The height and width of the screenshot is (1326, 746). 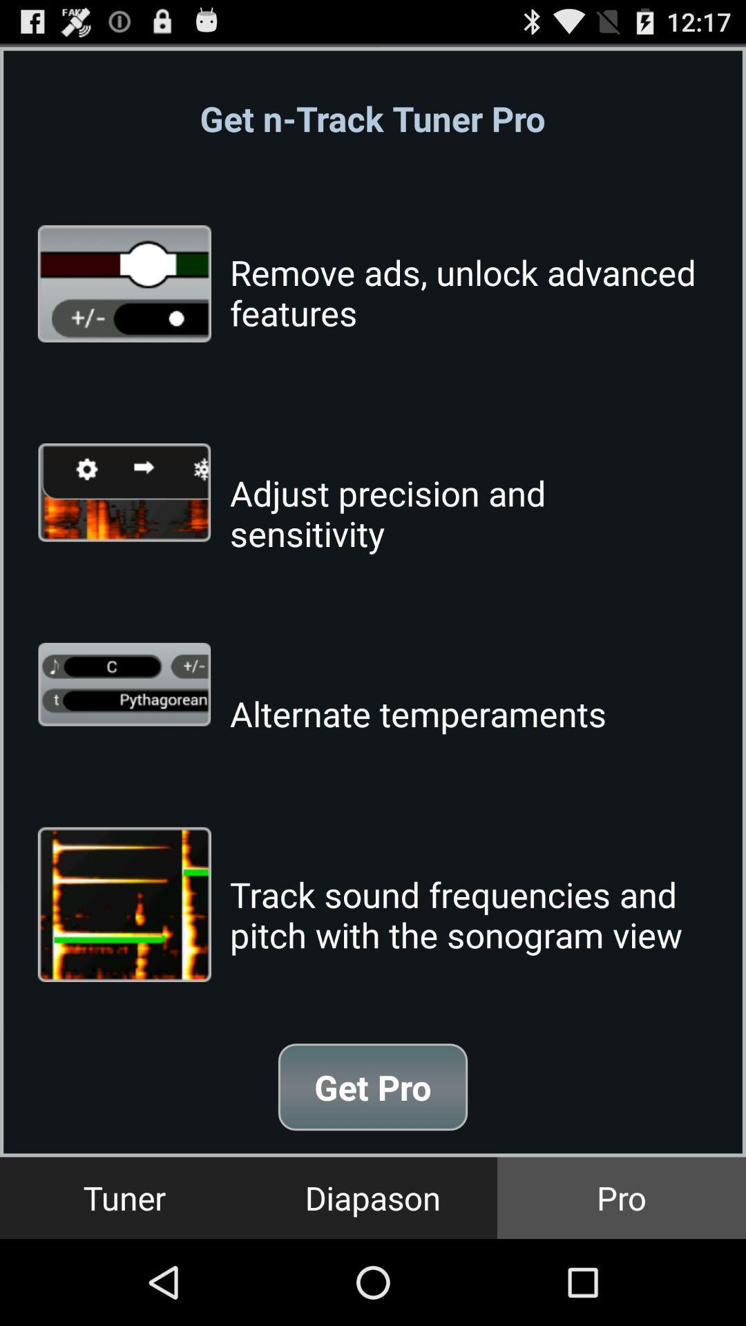 I want to click on the button to the right of tuner button, so click(x=373, y=1197).